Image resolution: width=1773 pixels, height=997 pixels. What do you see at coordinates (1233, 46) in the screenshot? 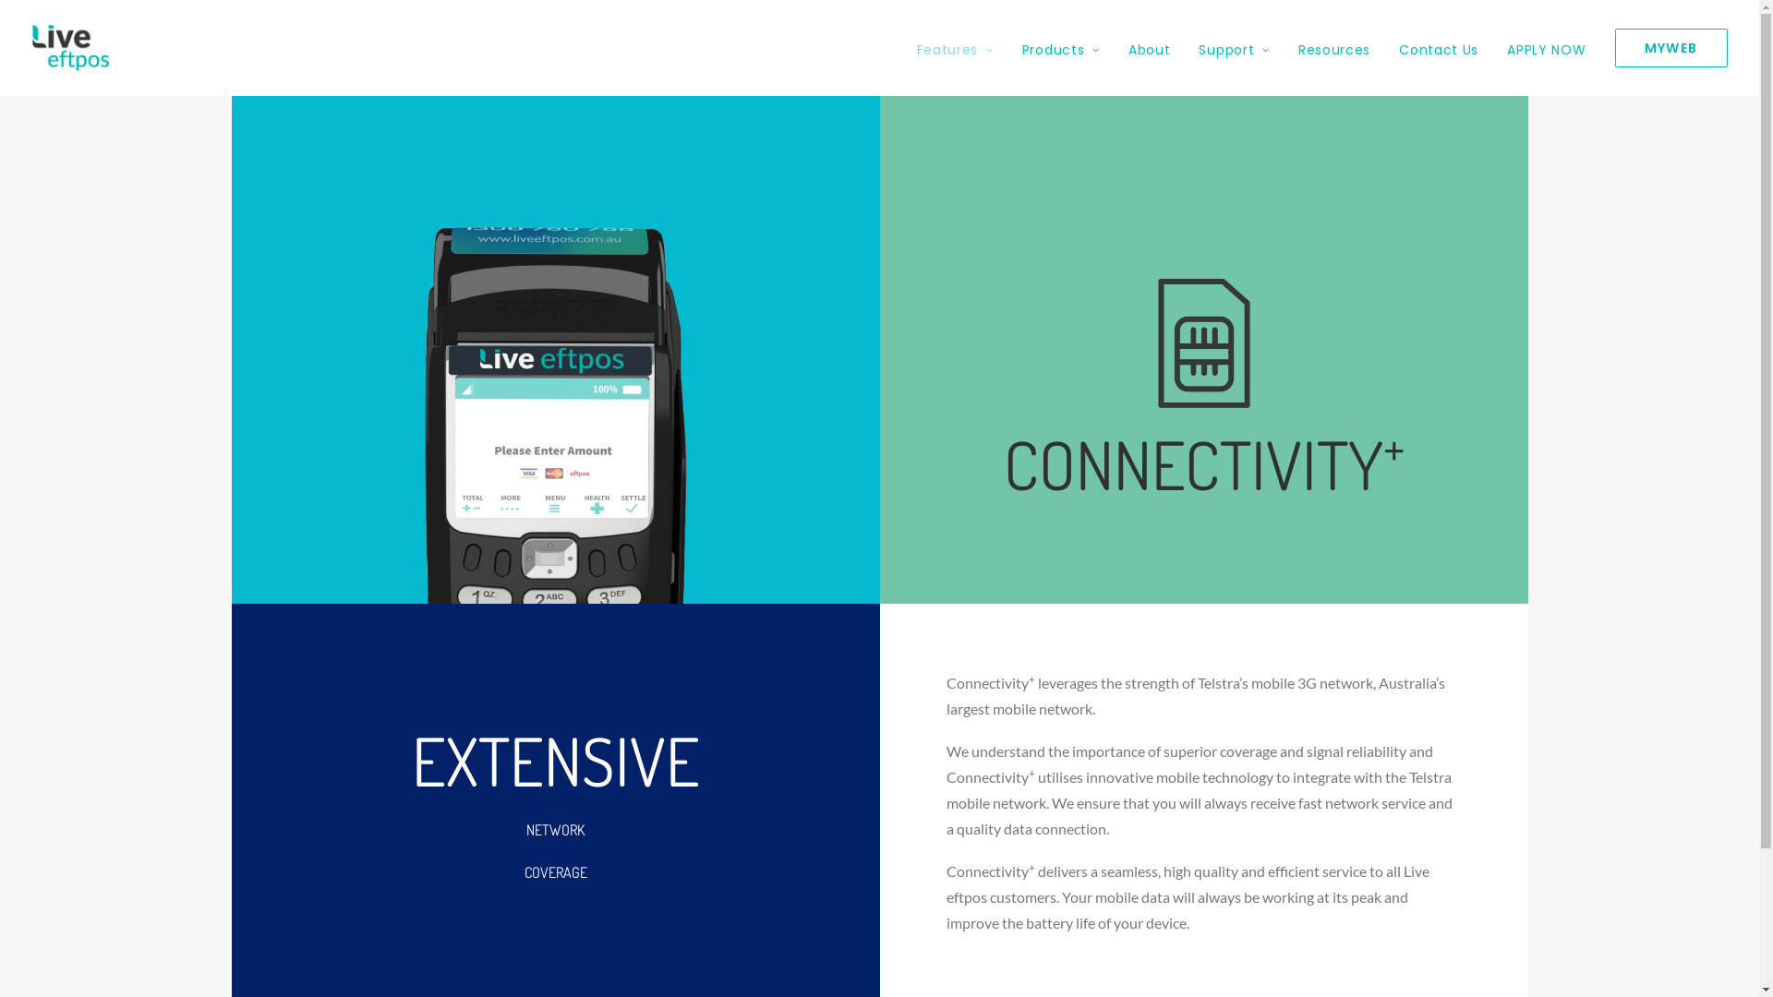
I see `'Support'` at bounding box center [1233, 46].